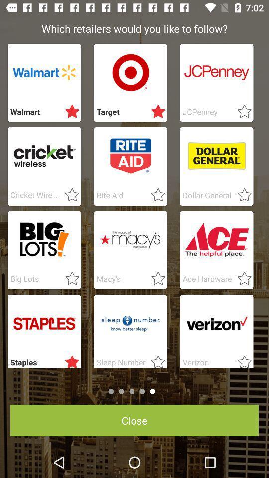  What do you see at coordinates (69, 359) in the screenshot?
I see `button` at bounding box center [69, 359].